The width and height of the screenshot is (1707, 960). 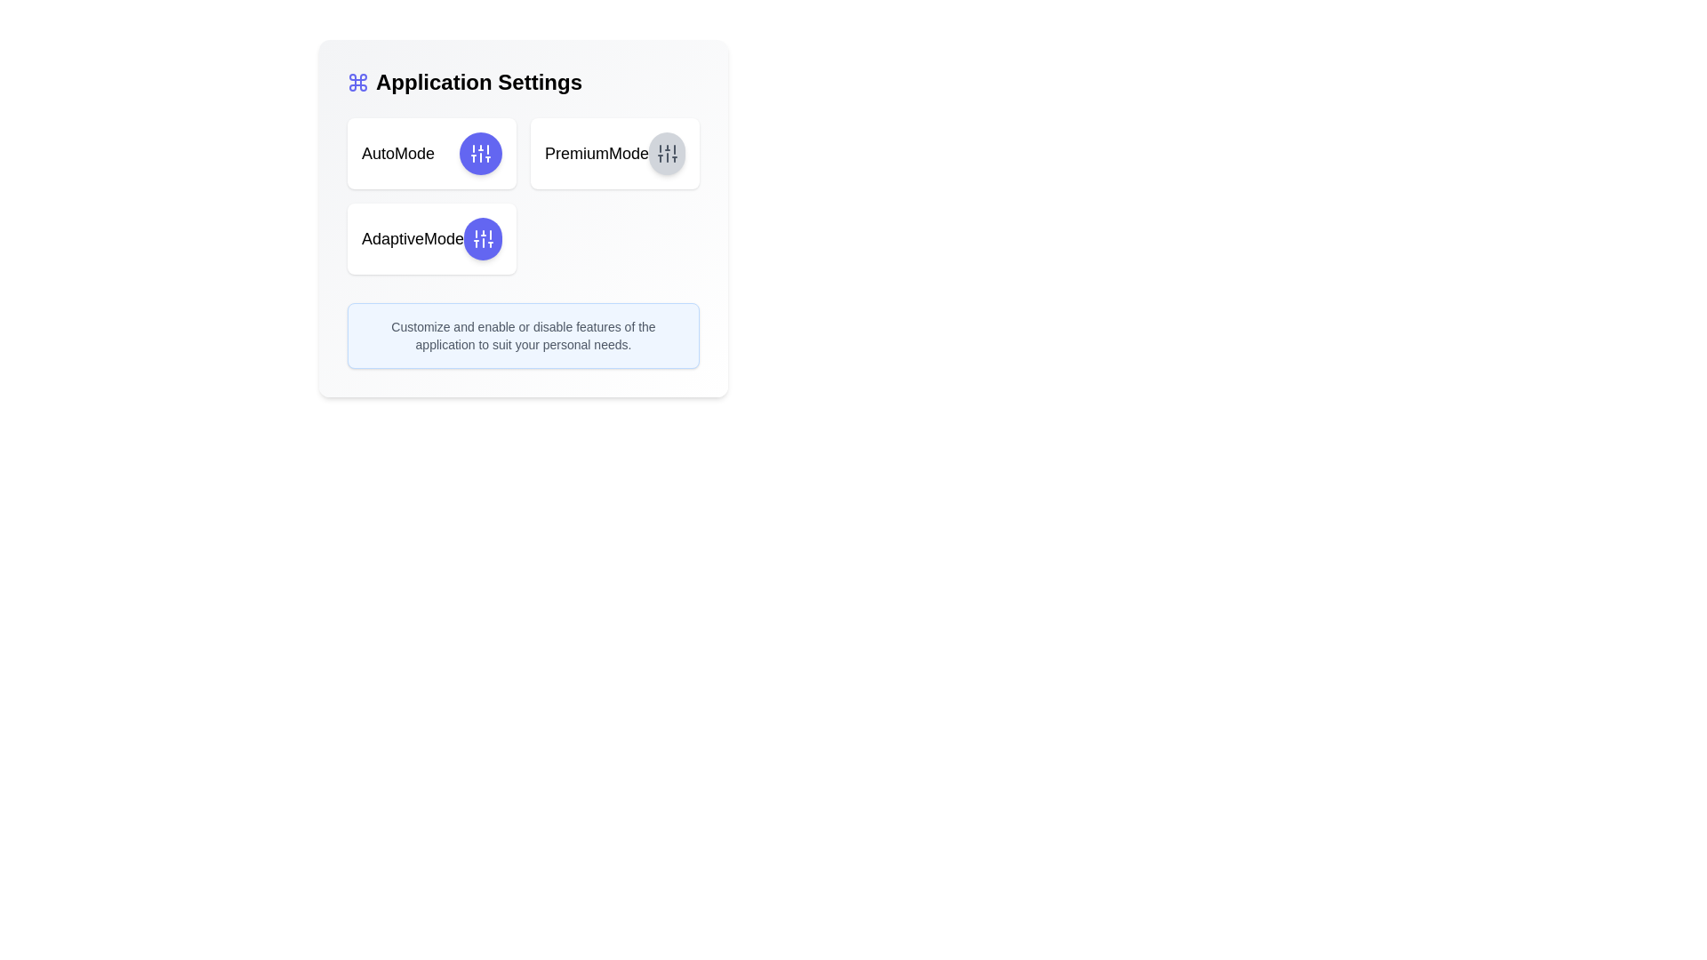 What do you see at coordinates (431, 153) in the screenshot?
I see `the 'AutoMode' text on the Selectable Option Card with Action Button, located in the upper-left portion of the 'Application Settings' section` at bounding box center [431, 153].